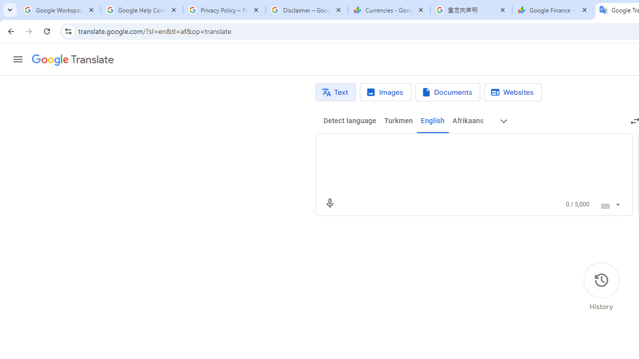  Describe the element at coordinates (467, 121) in the screenshot. I see `'Afrikaans'` at that location.